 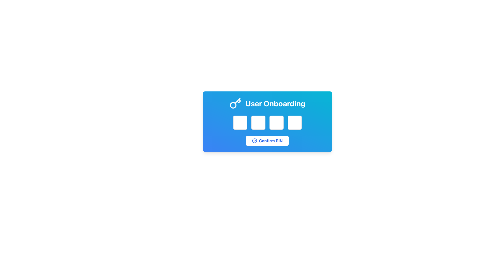 What do you see at coordinates (235, 103) in the screenshot?
I see `the key icon representing access-related functionality within the 'User Onboarding' section of the header` at bounding box center [235, 103].